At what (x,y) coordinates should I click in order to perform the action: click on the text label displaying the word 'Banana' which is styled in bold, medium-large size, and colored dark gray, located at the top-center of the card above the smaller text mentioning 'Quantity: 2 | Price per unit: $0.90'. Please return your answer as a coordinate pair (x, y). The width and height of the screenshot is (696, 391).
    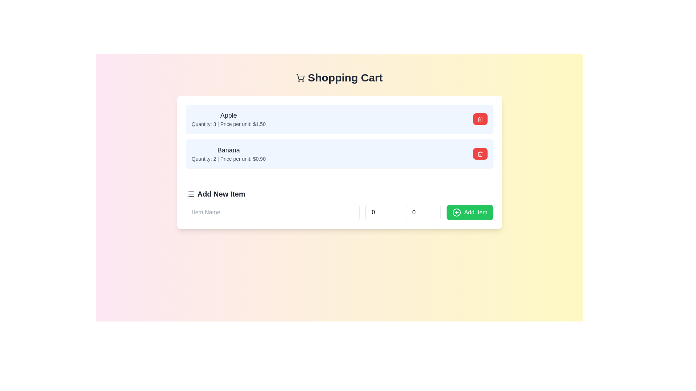
    Looking at the image, I should click on (228, 150).